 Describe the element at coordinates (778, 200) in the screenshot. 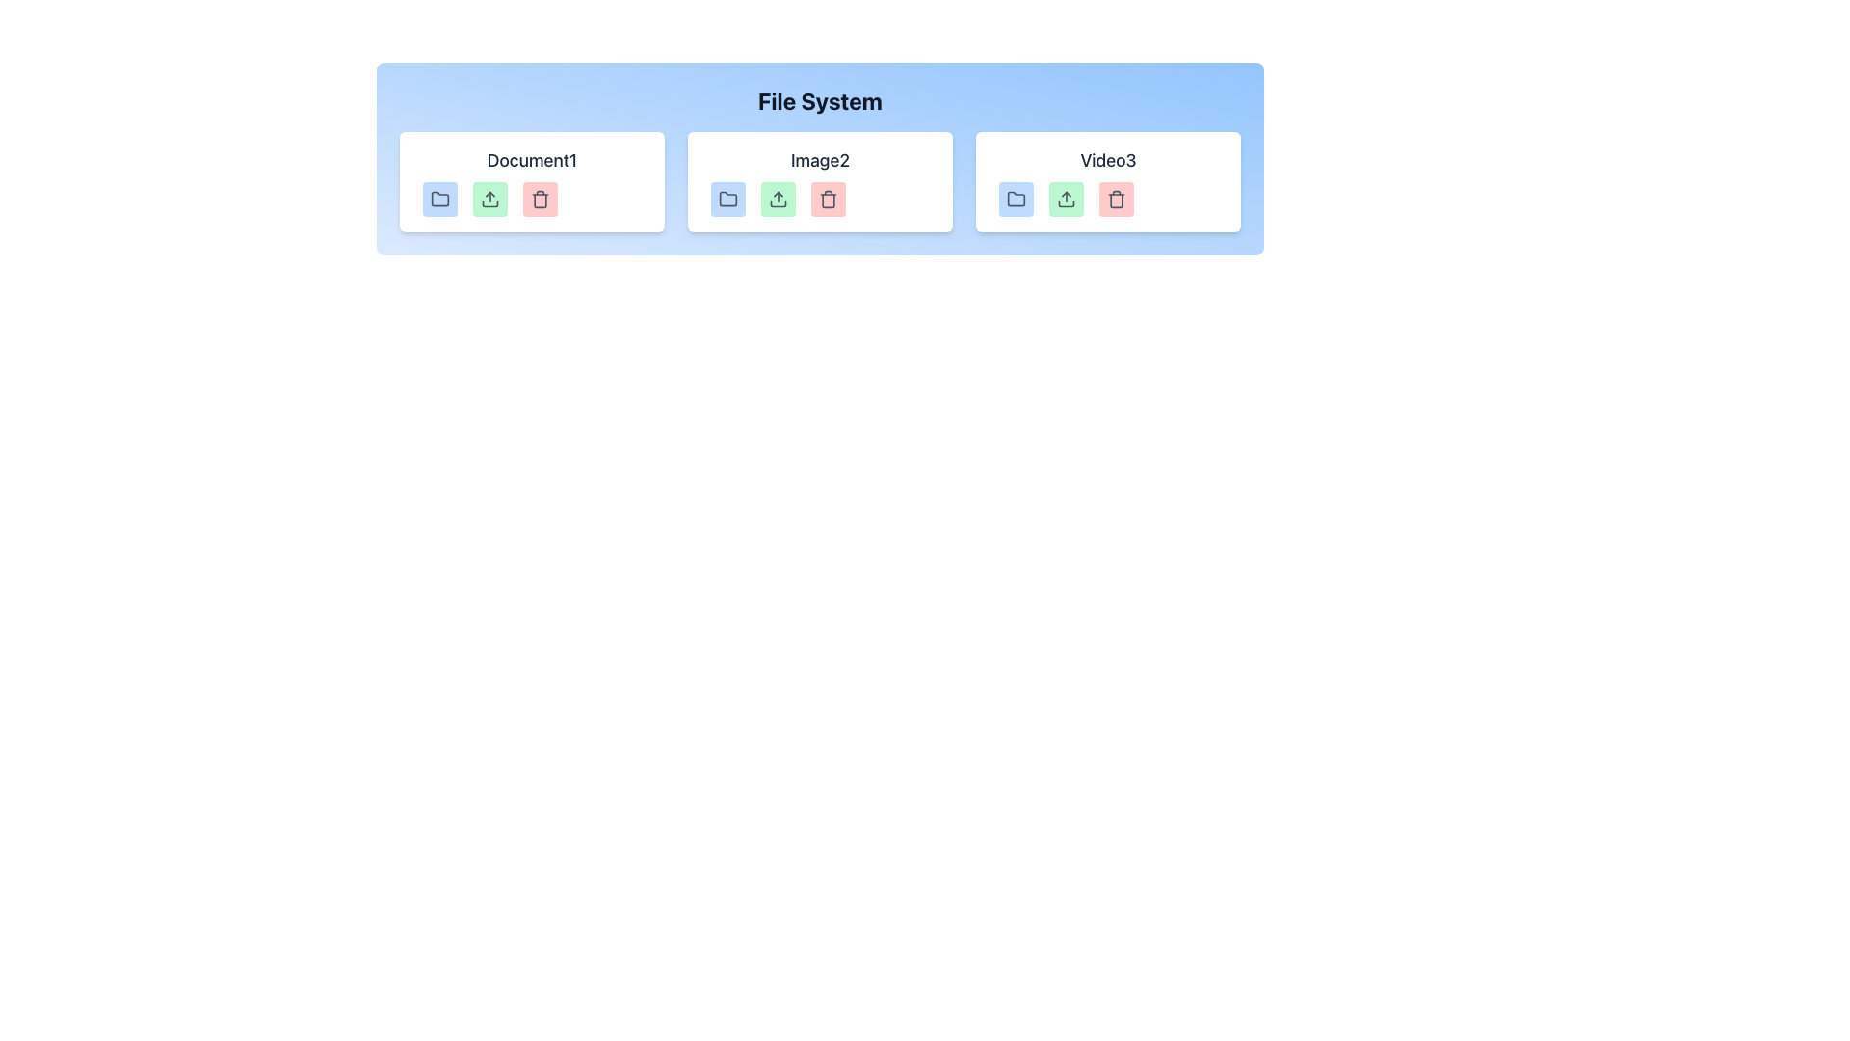

I see `the upload icon, which is an upward-pointing arrow styled icon situated within a green rounded background, to initiate the upload action` at that location.